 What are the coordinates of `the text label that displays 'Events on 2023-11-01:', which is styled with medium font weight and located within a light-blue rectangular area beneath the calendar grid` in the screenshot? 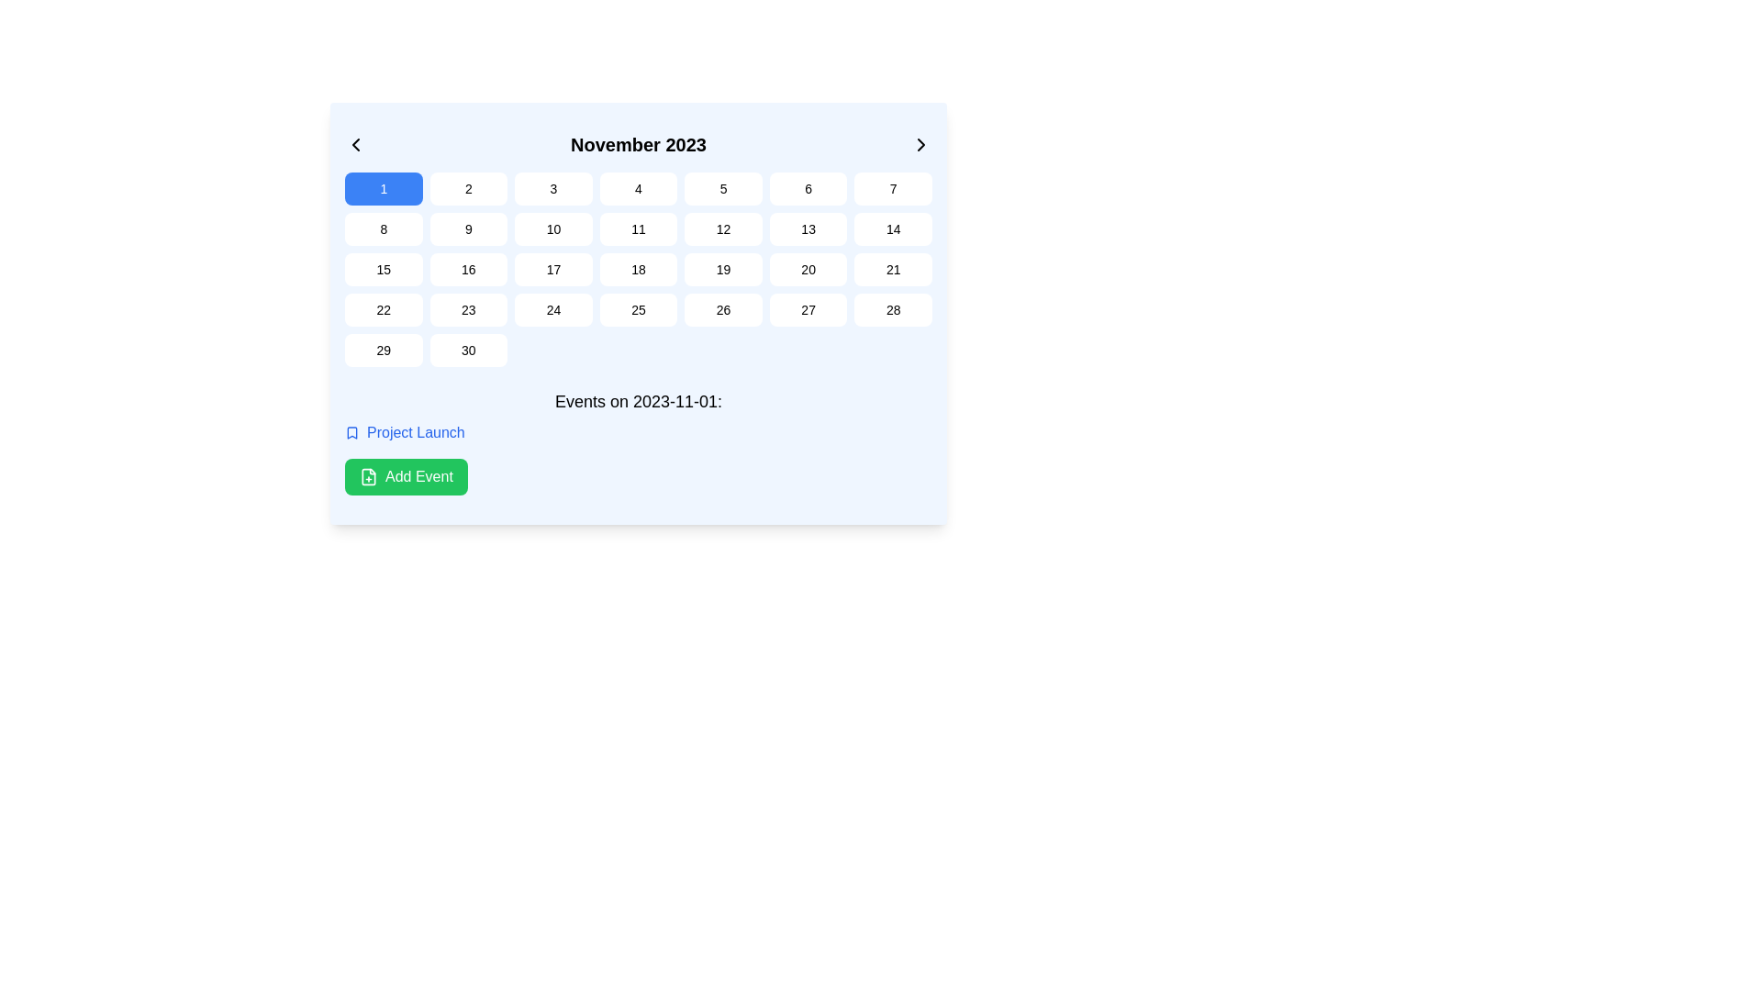 It's located at (639, 401).